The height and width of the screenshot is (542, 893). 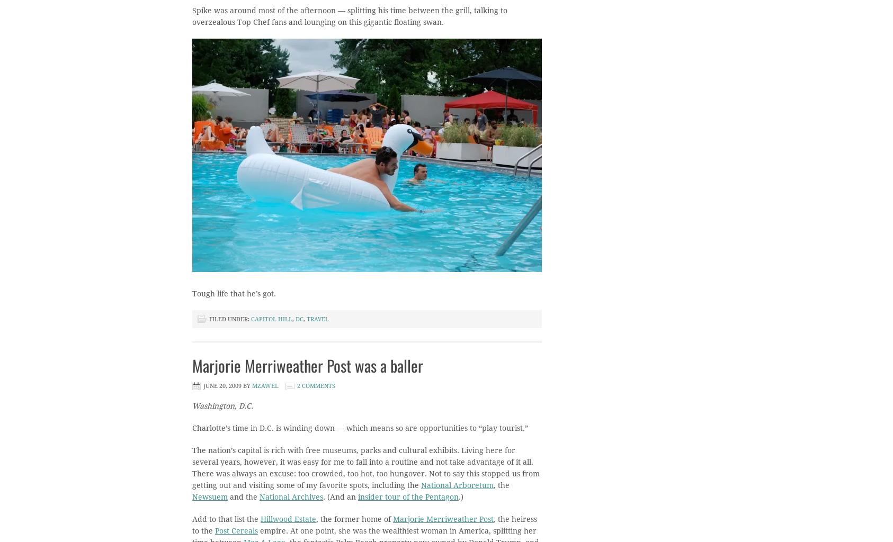 I want to click on 'by', so click(x=247, y=385).